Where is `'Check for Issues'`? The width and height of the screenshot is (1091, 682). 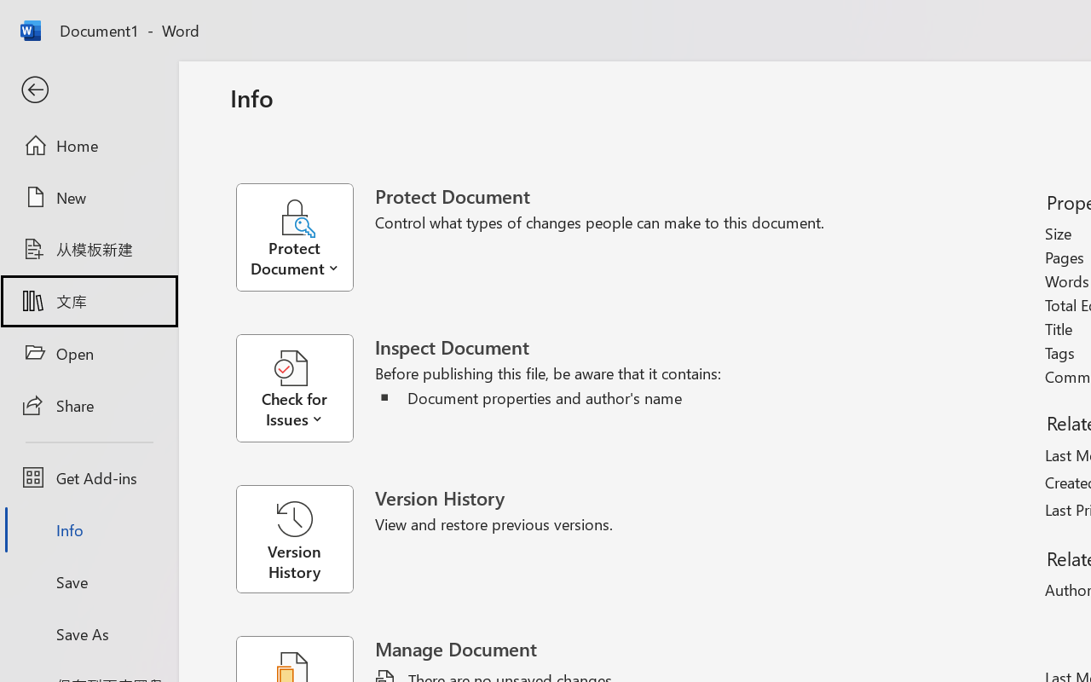
'Check for Issues' is located at coordinates (305, 387).